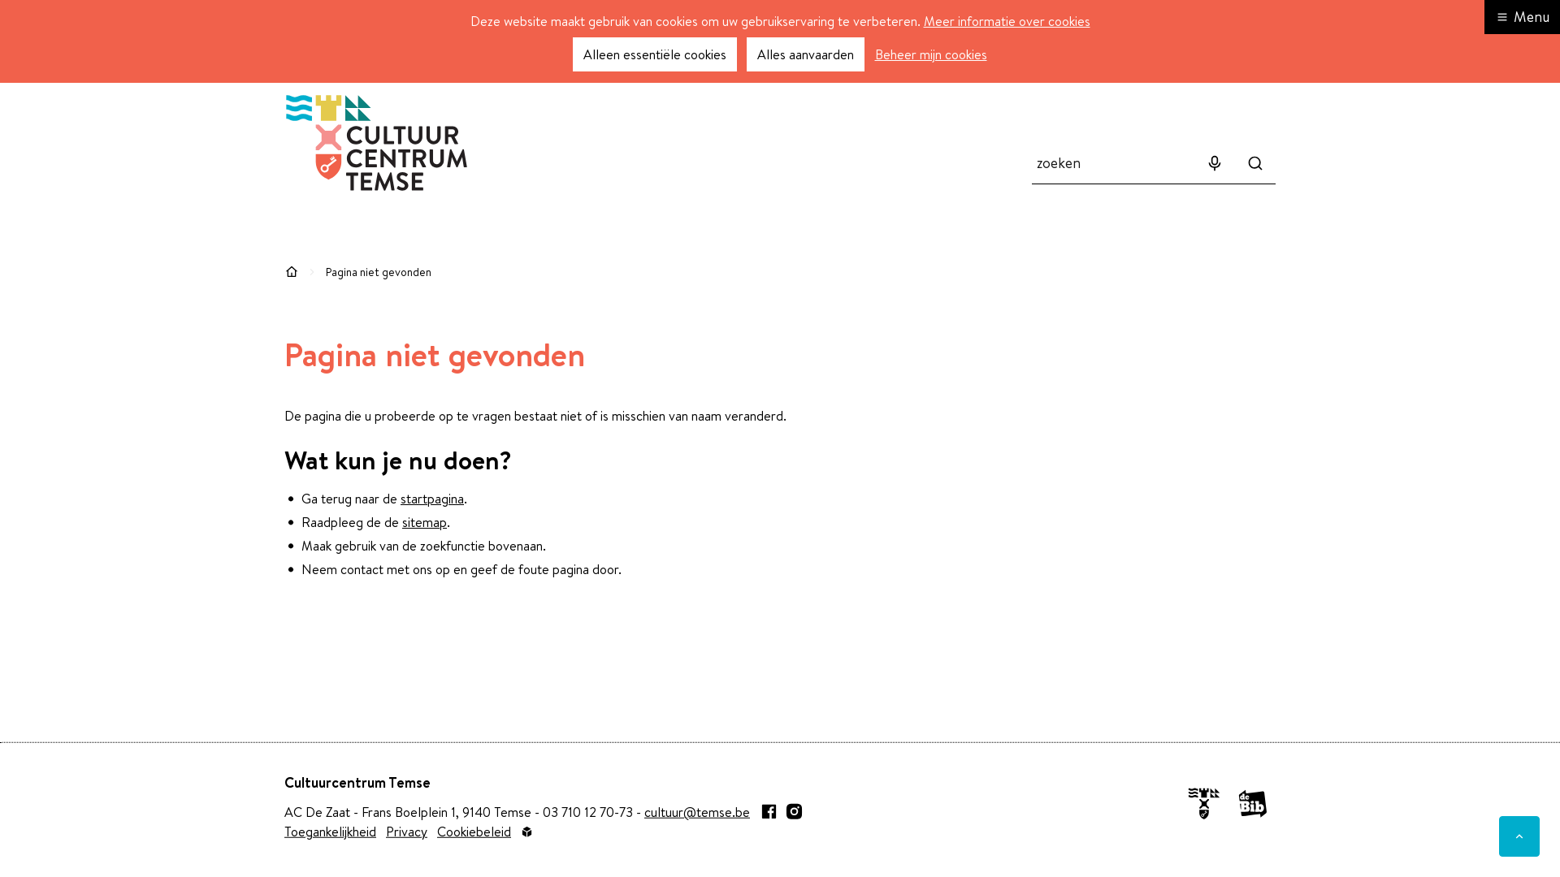  Describe the element at coordinates (292, 271) in the screenshot. I see `'Home'` at that location.